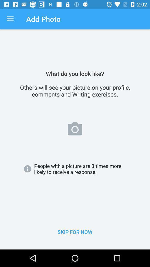 The width and height of the screenshot is (150, 267). I want to click on the icon below people with a item, so click(75, 232).